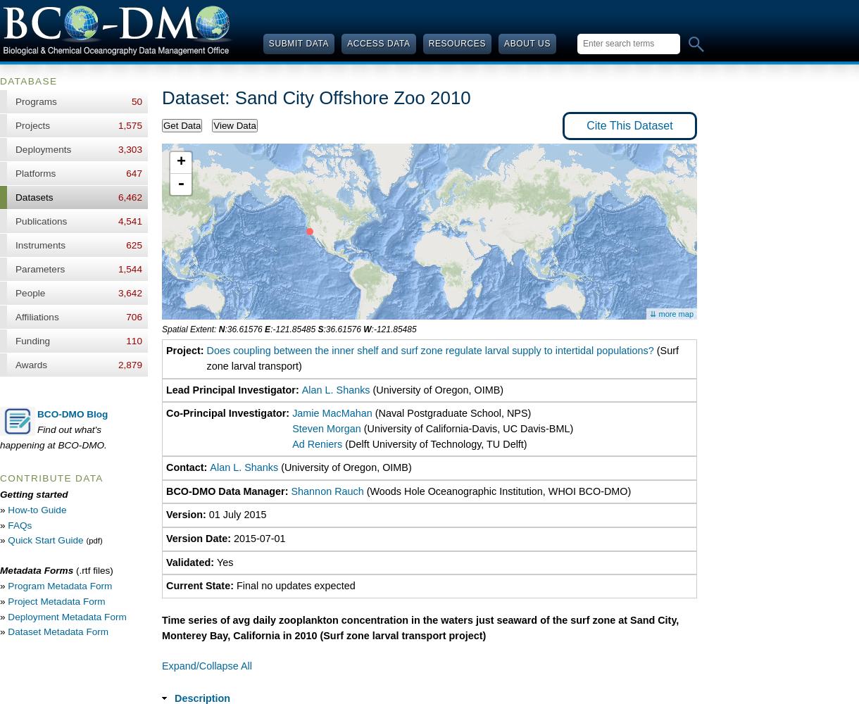 This screenshot has width=859, height=704. Describe the element at coordinates (30, 293) in the screenshot. I see `'People'` at that location.